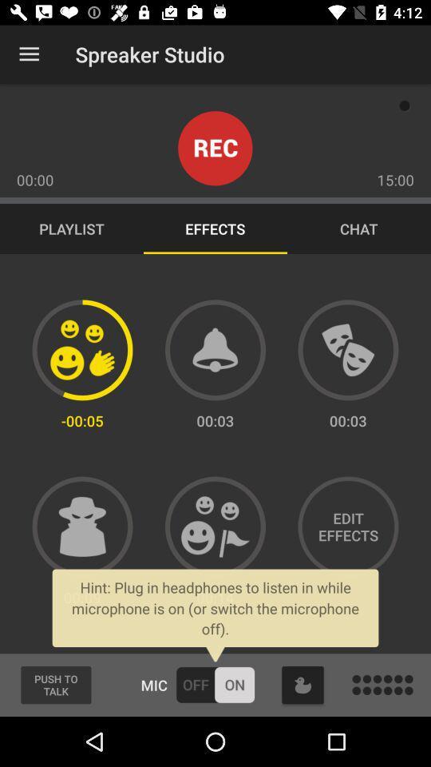 The height and width of the screenshot is (767, 431). What do you see at coordinates (215, 148) in the screenshot?
I see `record` at bounding box center [215, 148].